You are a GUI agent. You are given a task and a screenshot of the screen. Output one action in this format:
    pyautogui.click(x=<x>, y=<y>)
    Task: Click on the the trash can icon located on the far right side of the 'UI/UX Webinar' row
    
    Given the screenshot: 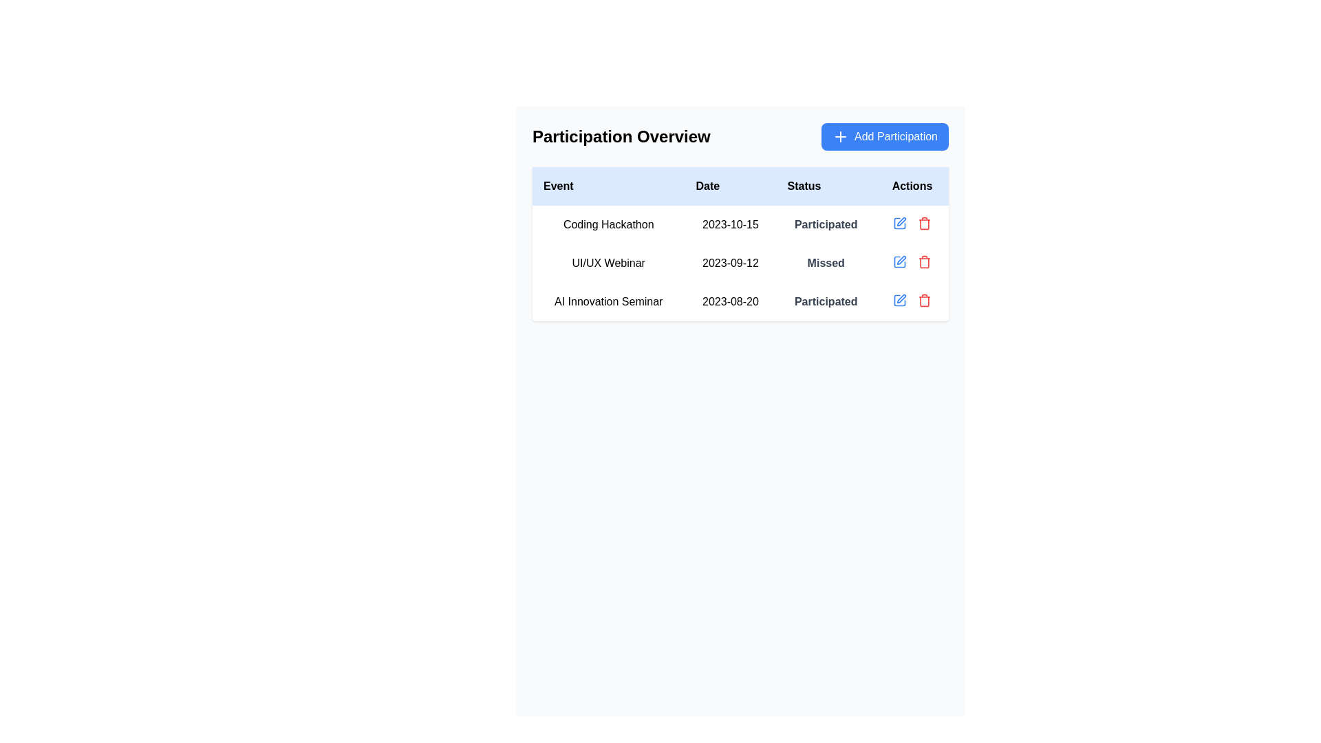 What is the action you would take?
    pyautogui.click(x=925, y=224)
    